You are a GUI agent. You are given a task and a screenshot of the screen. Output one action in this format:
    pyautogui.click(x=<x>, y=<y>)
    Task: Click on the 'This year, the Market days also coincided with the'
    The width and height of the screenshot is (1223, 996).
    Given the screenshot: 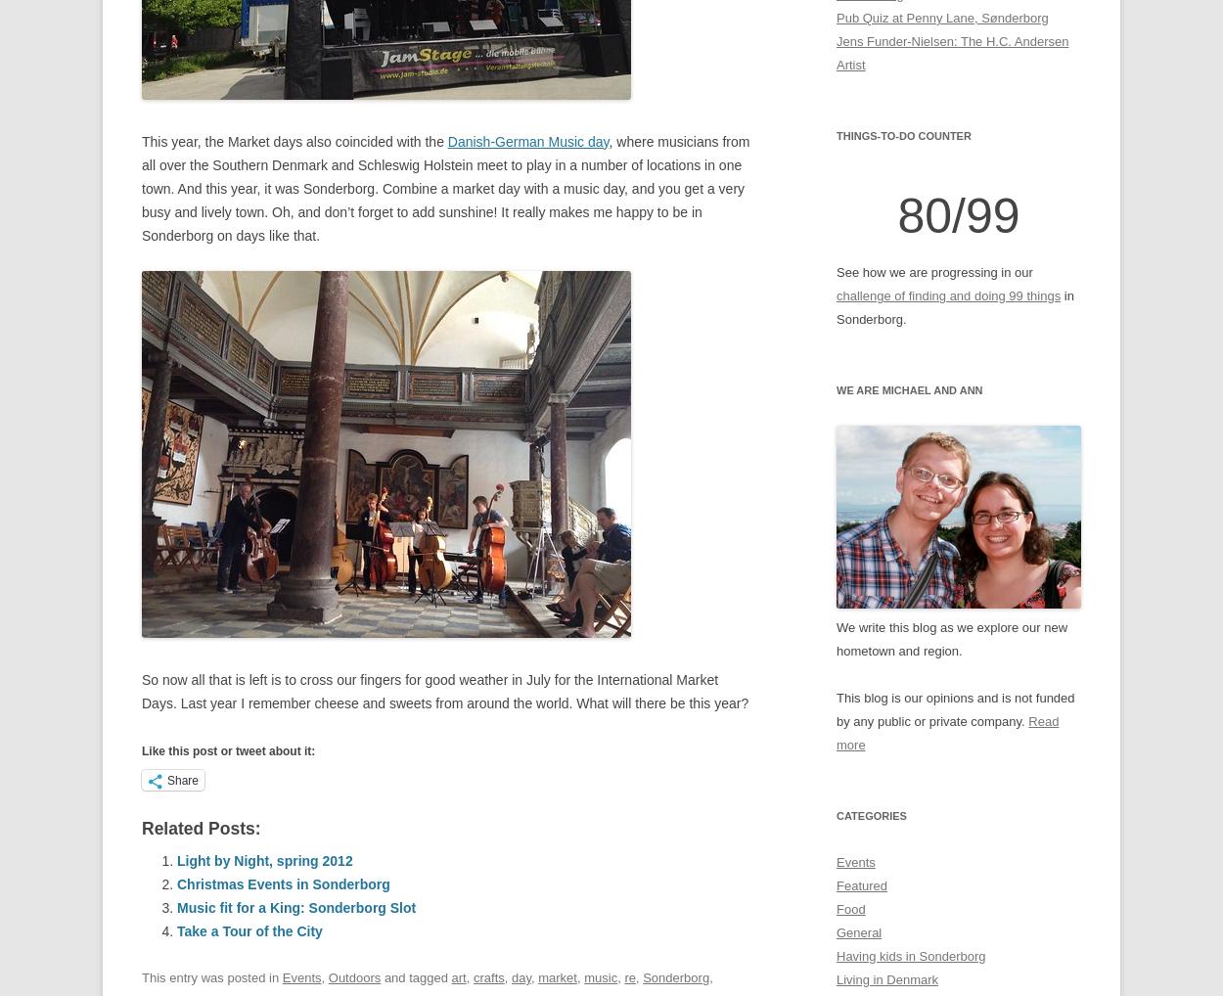 What is the action you would take?
    pyautogui.click(x=294, y=140)
    